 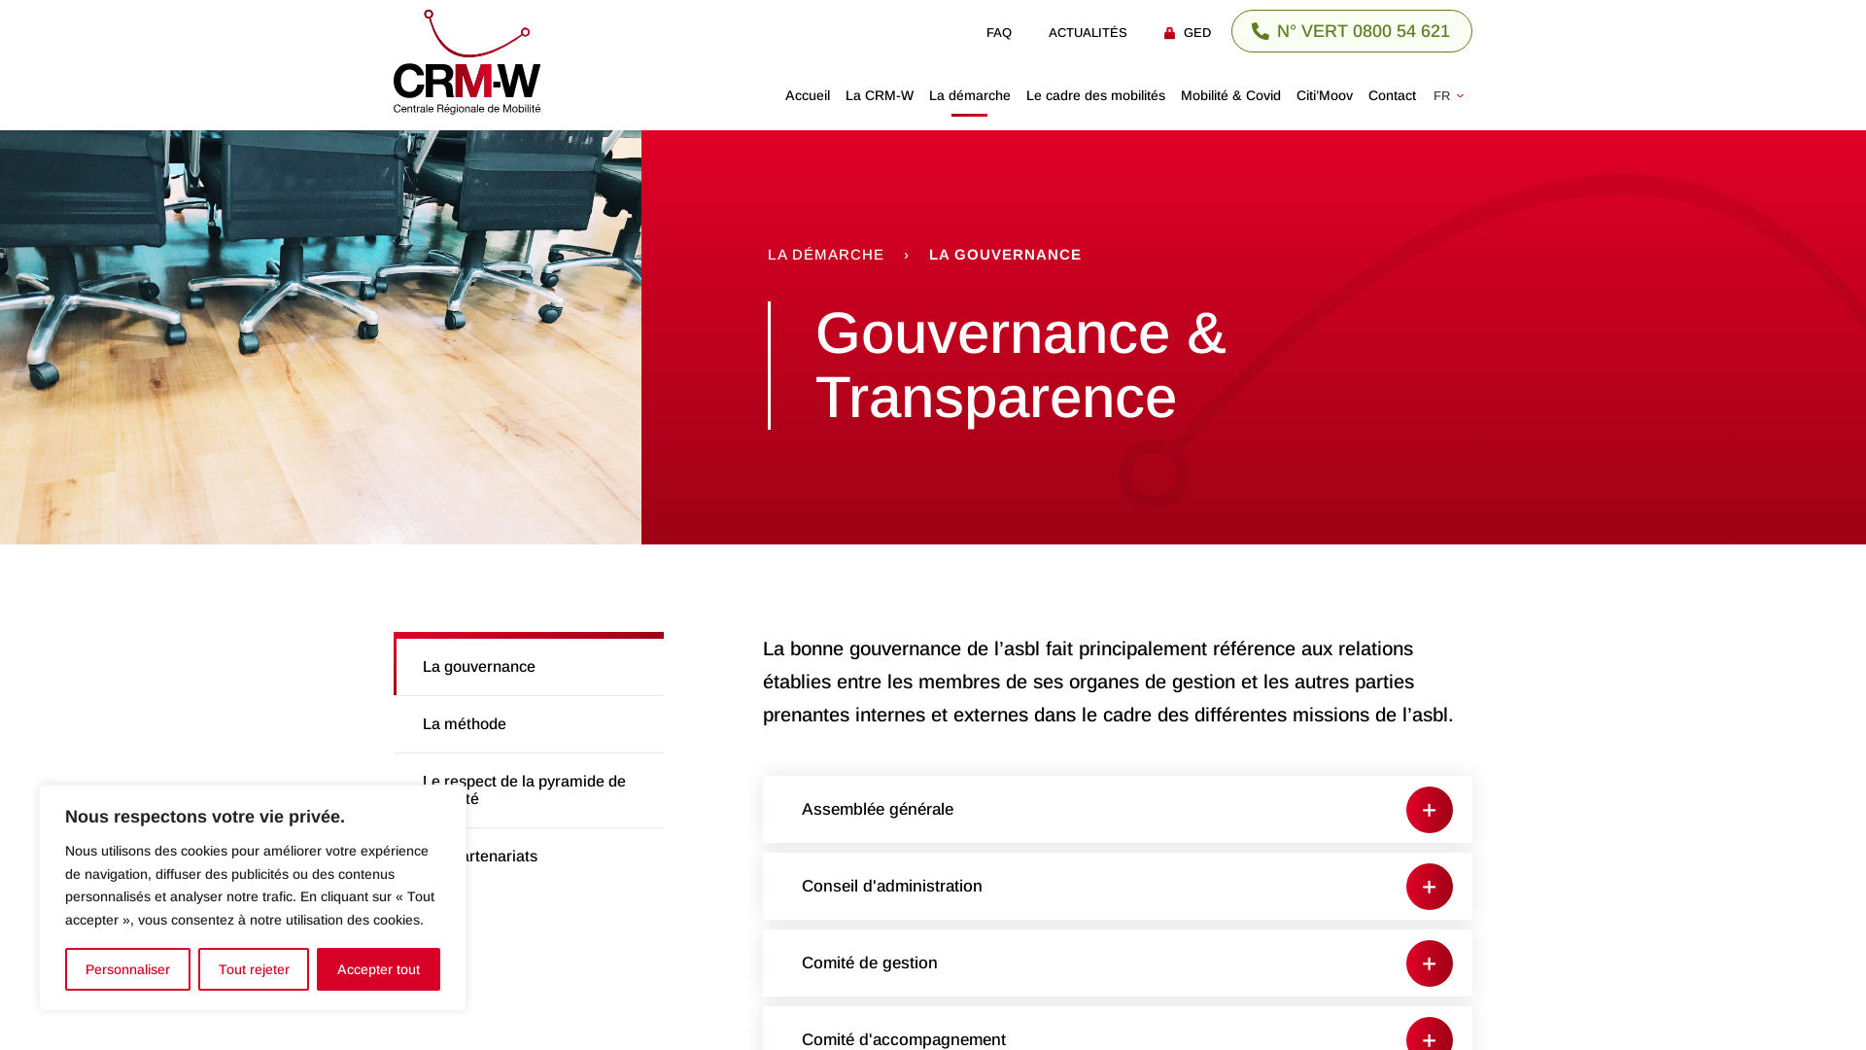 I want to click on 'GED', so click(x=1187, y=33).